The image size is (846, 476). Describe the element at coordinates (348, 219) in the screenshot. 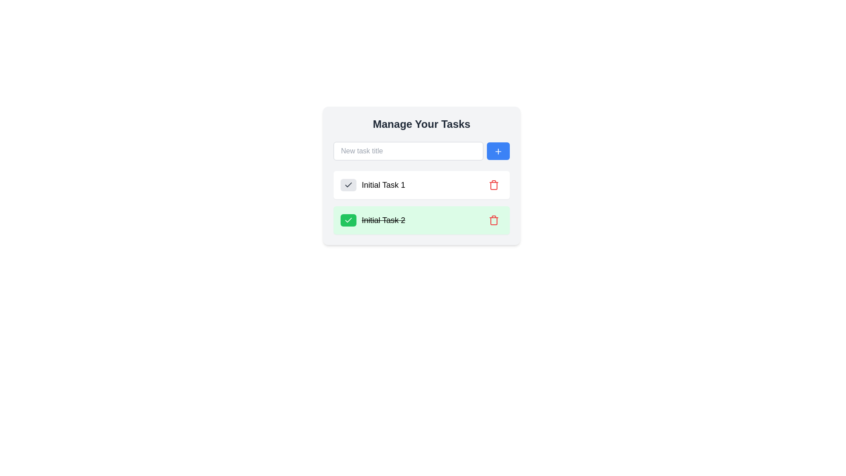

I see `the checkmark icon representing the task 'Initial Task 2' to modify its status by clicking on its row` at that location.